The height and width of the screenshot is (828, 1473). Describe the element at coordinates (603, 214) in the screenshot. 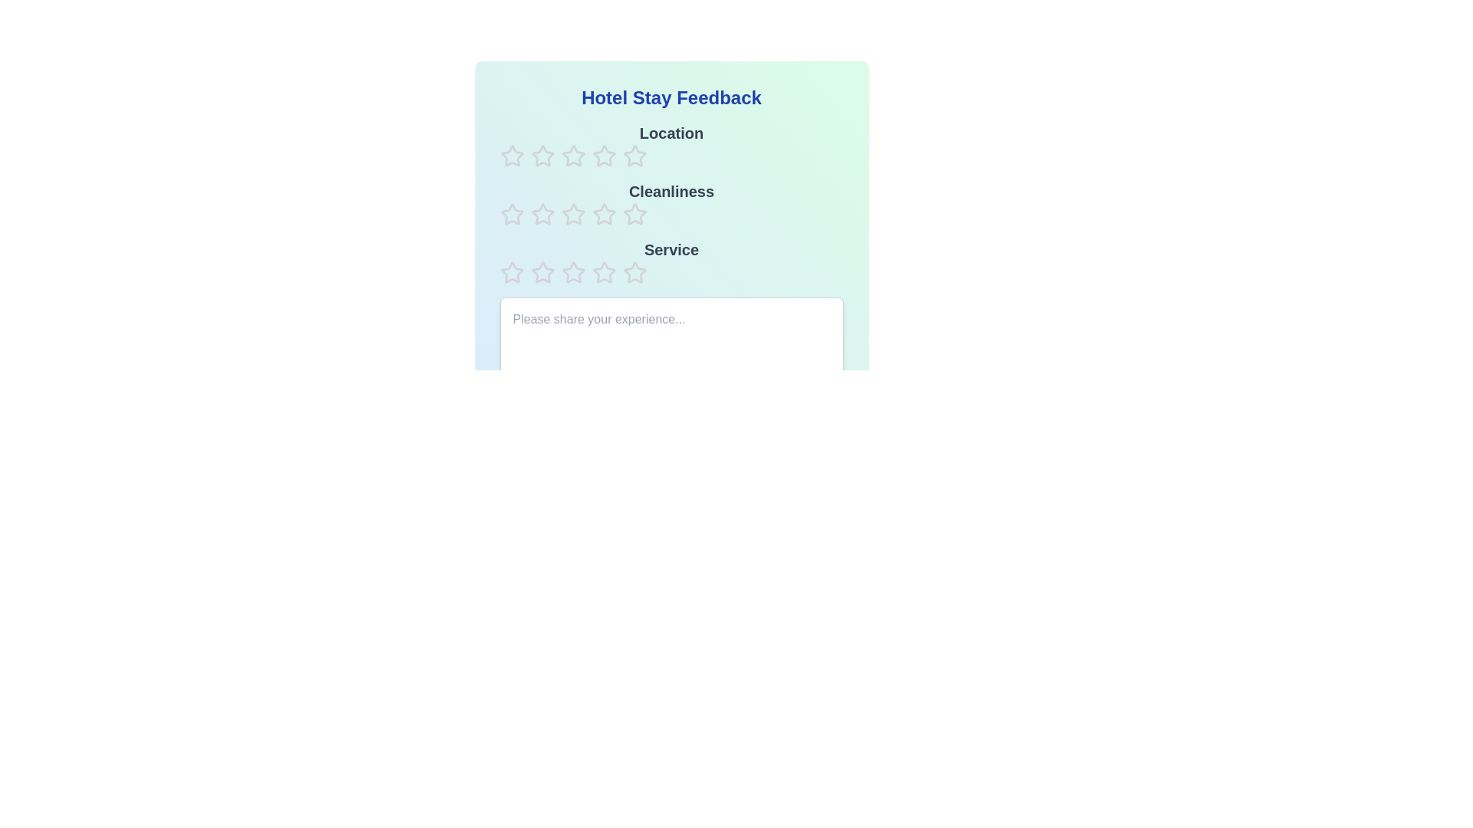

I see `the third star in the row of five stars for the 'Cleanliness' category to indicate a rating of 3 out of 5 stars` at that location.